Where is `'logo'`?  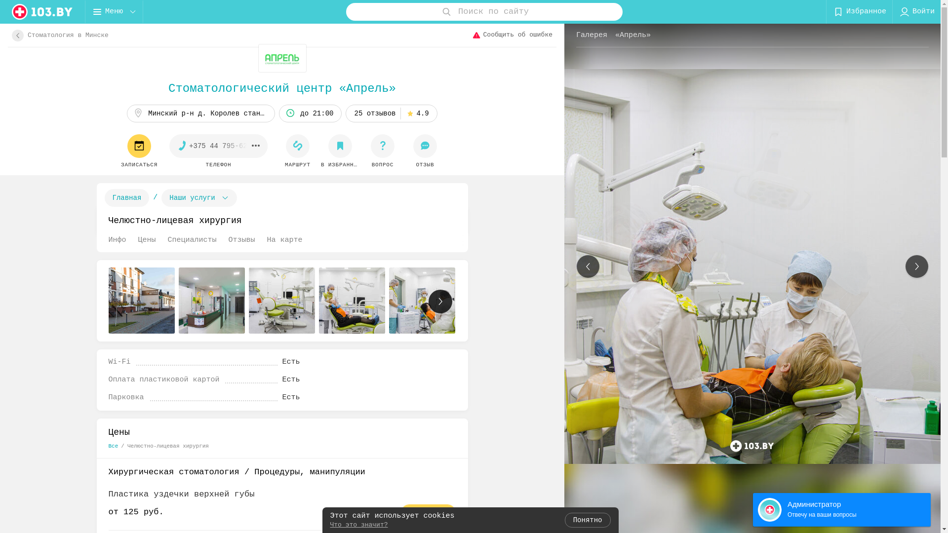 'logo' is located at coordinates (42, 11).